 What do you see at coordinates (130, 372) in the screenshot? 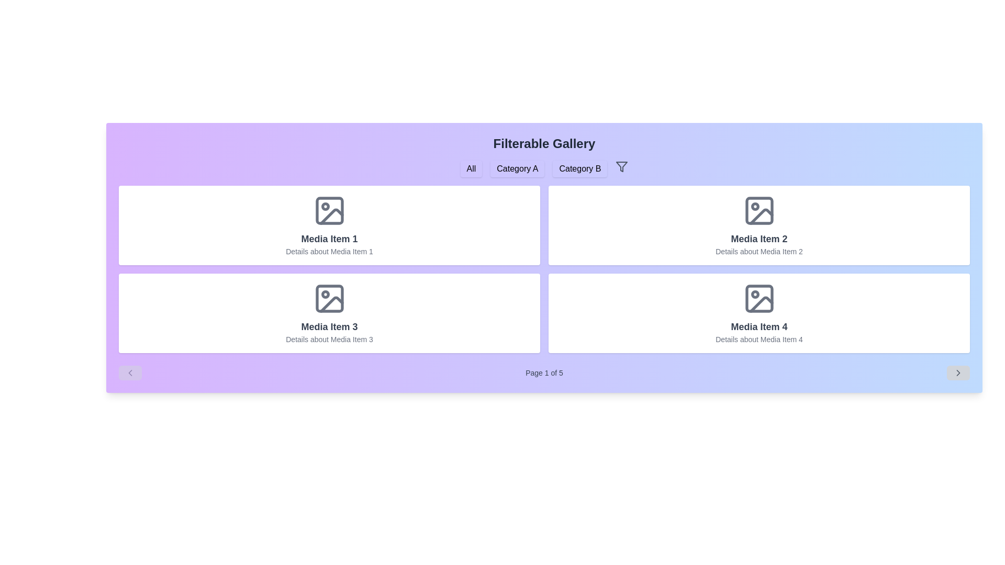
I see `the button with a left-pointing arrow icon, styled with a thin and rounded design, located at the bottom left corner of the interface for keyboard navigation` at bounding box center [130, 372].